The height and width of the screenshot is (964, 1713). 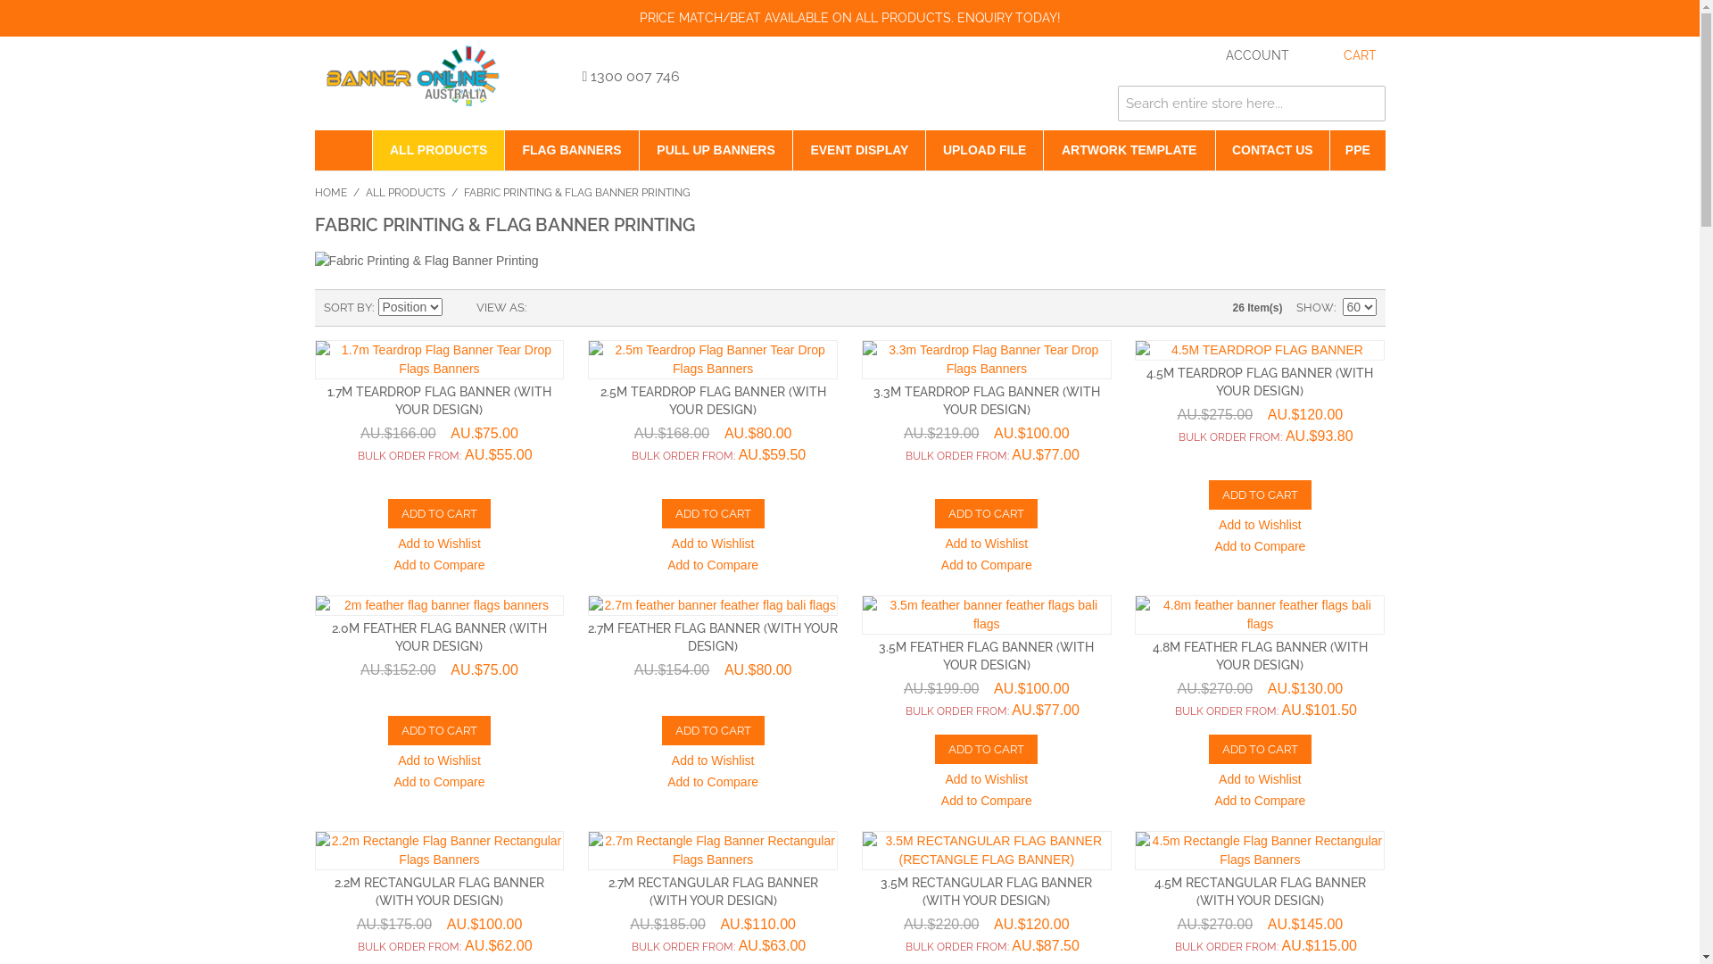 What do you see at coordinates (985, 399) in the screenshot?
I see `'3.3M TEARDROP FLAG BANNER (WITH YOUR DESIGN)'` at bounding box center [985, 399].